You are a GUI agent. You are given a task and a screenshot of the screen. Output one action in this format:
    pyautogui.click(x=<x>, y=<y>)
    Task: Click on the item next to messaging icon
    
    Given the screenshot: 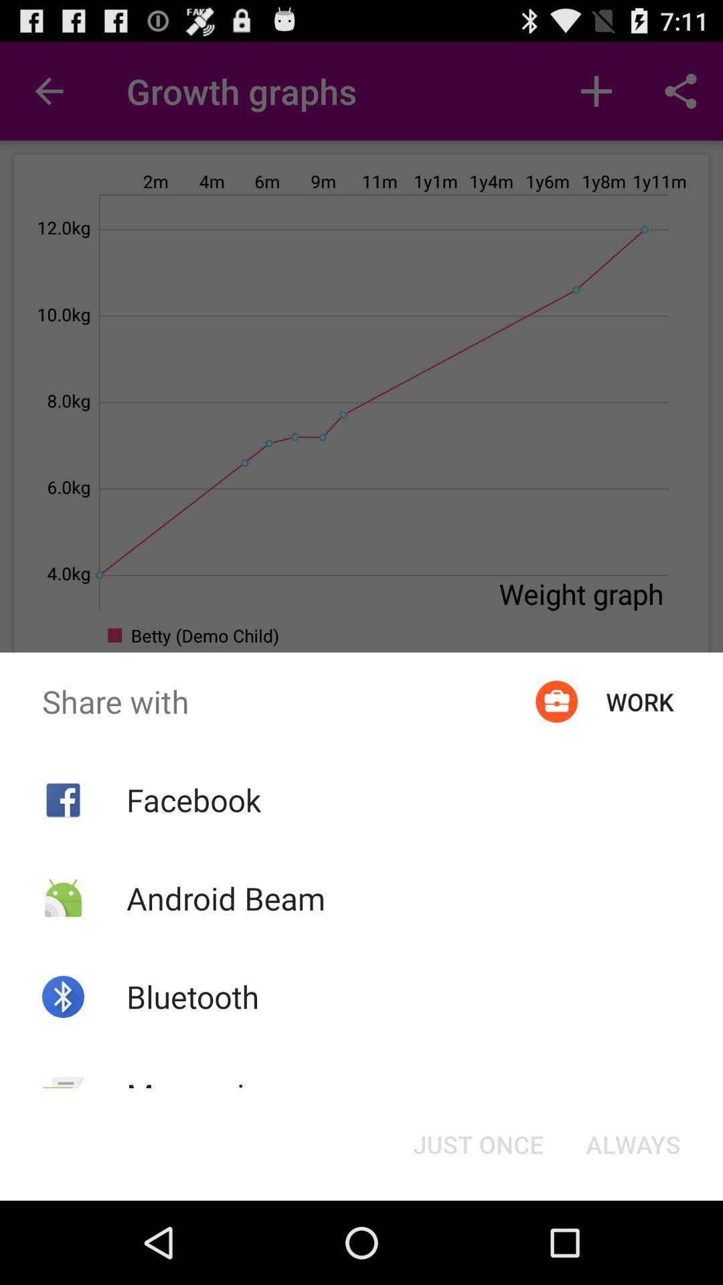 What is the action you would take?
    pyautogui.click(x=477, y=1143)
    